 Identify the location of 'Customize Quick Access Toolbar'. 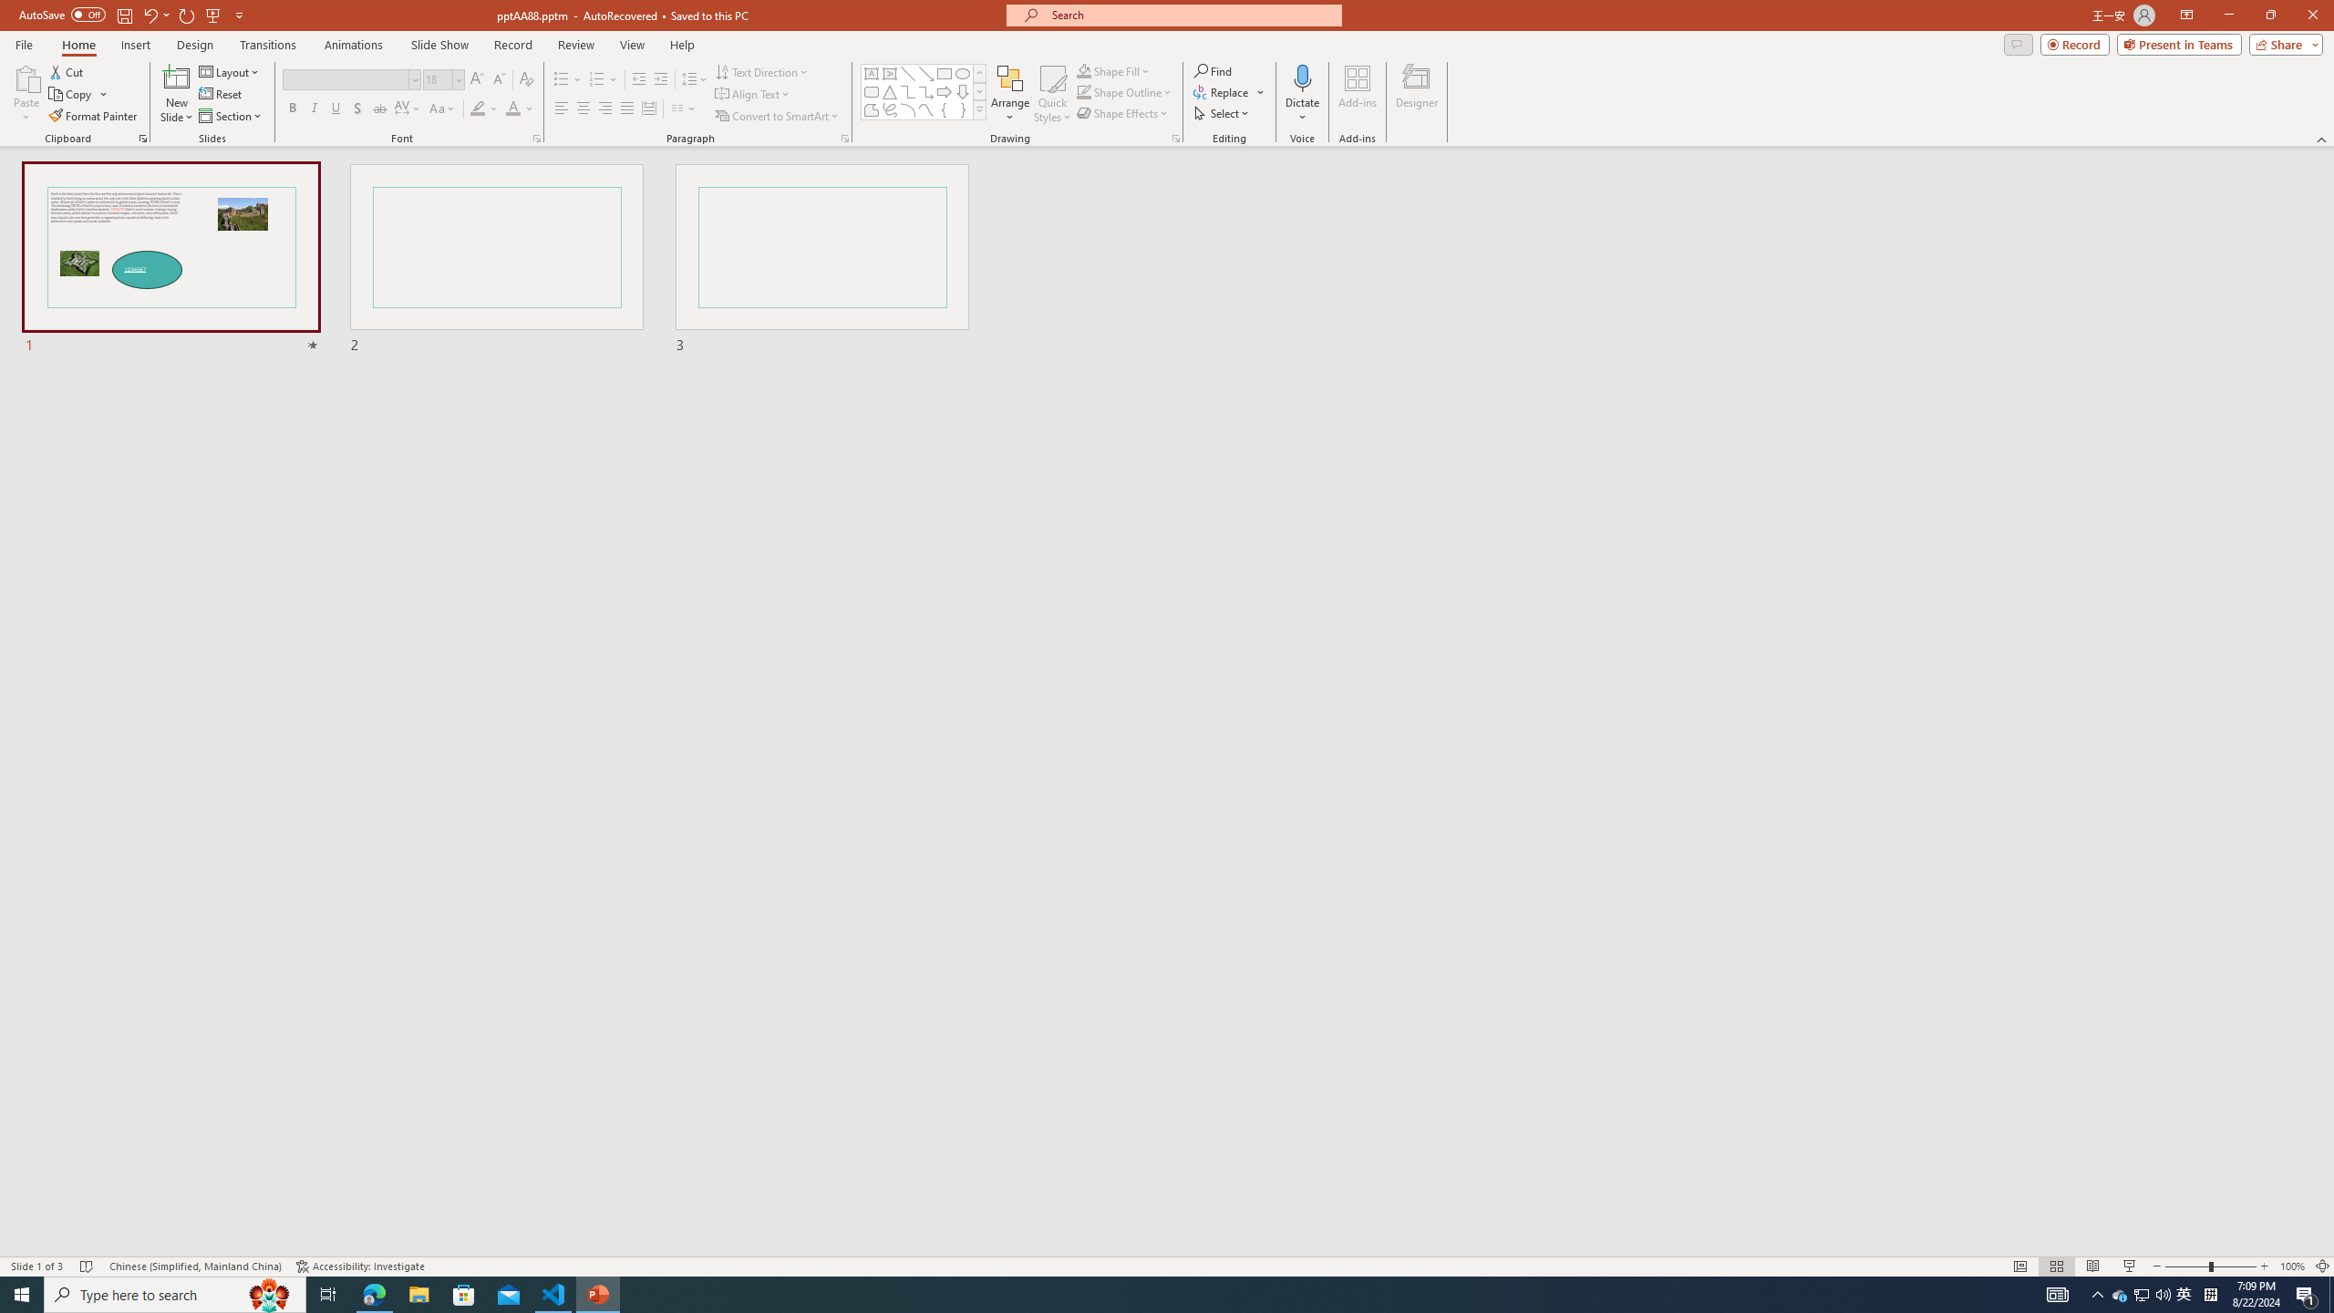
(238, 14).